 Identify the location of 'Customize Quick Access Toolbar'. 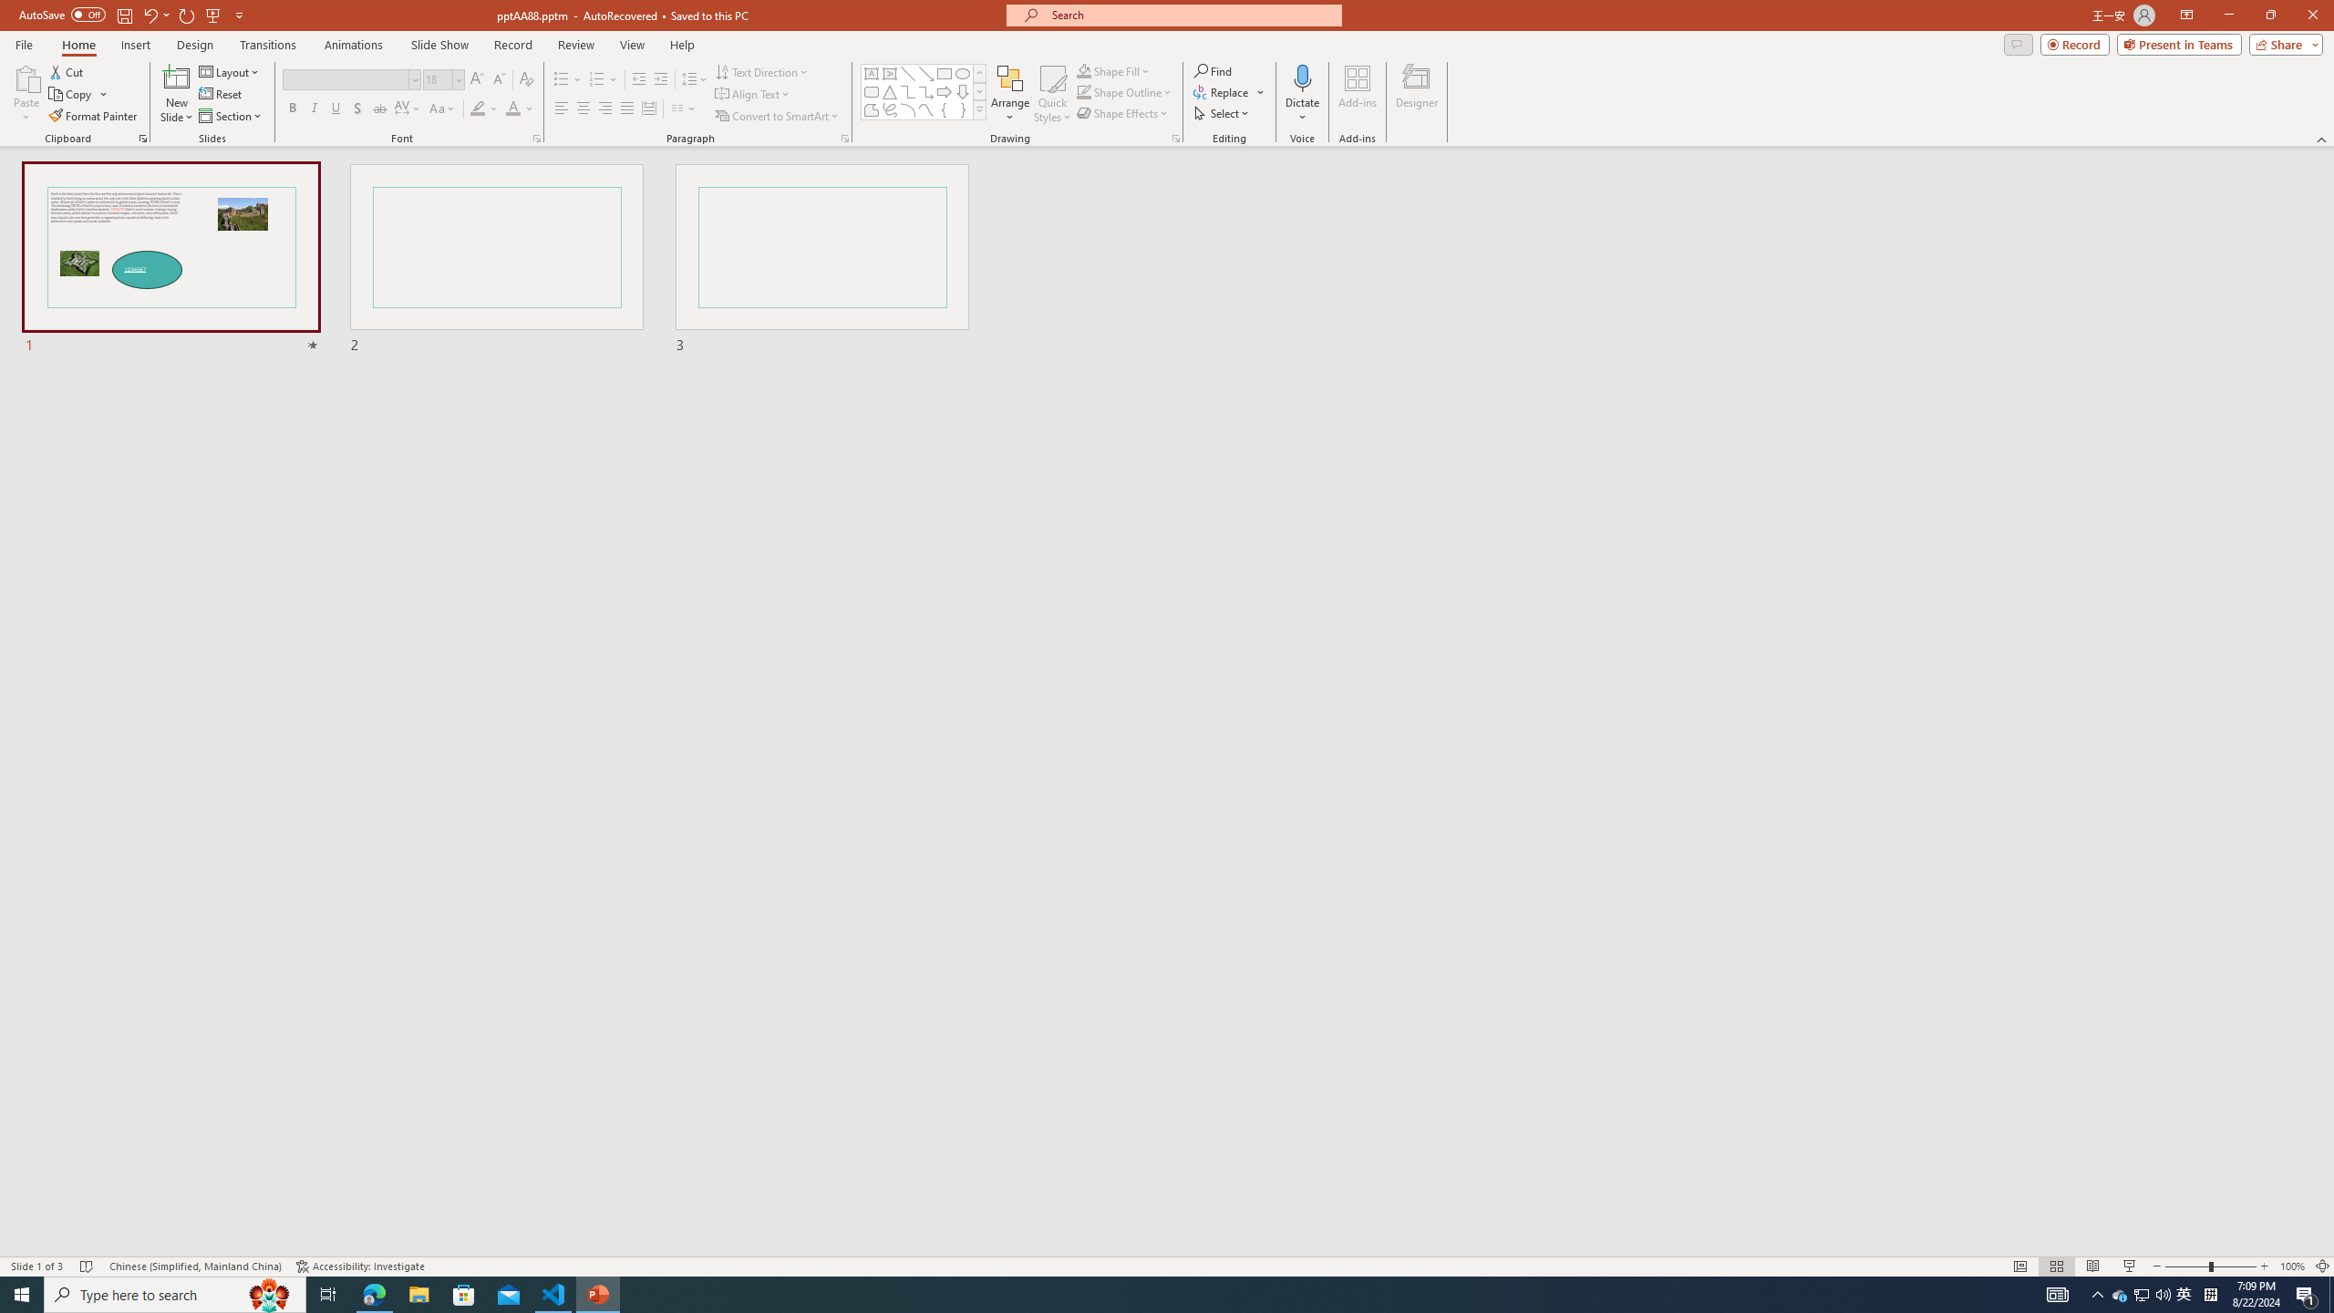
(238, 14).